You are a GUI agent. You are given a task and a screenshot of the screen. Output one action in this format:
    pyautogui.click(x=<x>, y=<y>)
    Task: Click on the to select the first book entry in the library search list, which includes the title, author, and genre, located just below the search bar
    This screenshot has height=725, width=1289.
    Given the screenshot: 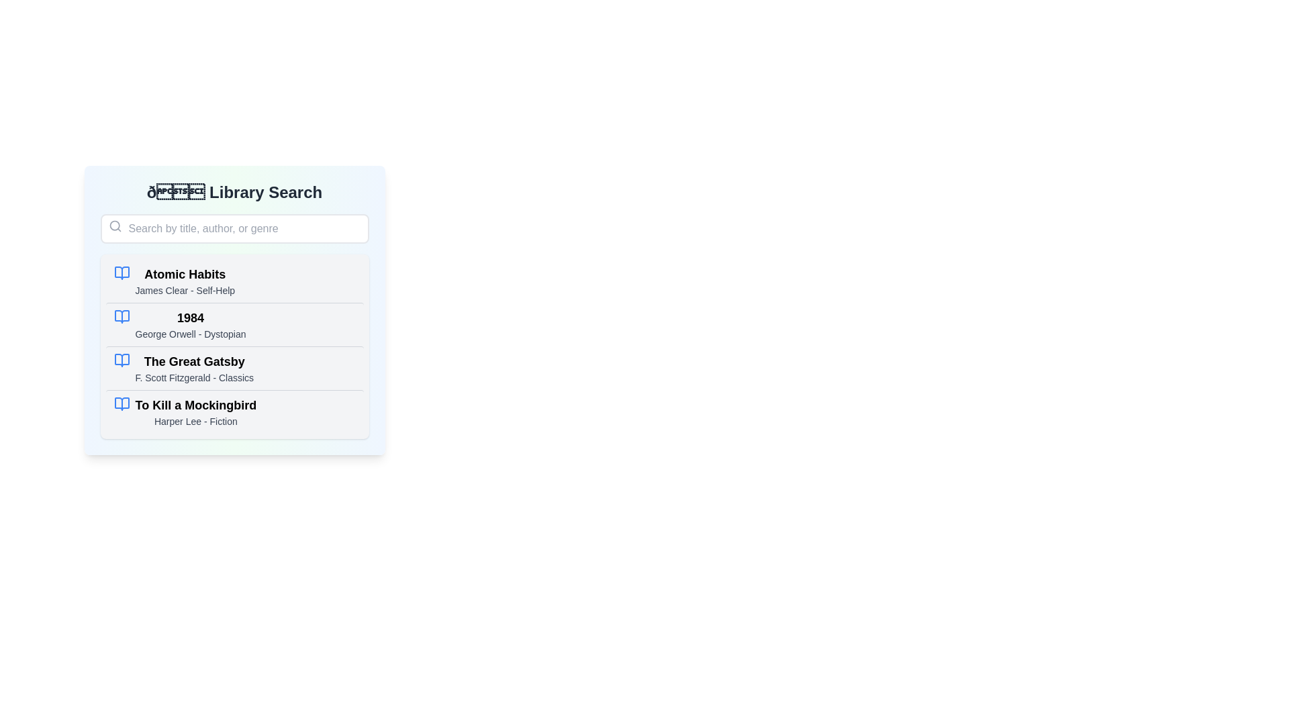 What is the action you would take?
    pyautogui.click(x=184, y=281)
    